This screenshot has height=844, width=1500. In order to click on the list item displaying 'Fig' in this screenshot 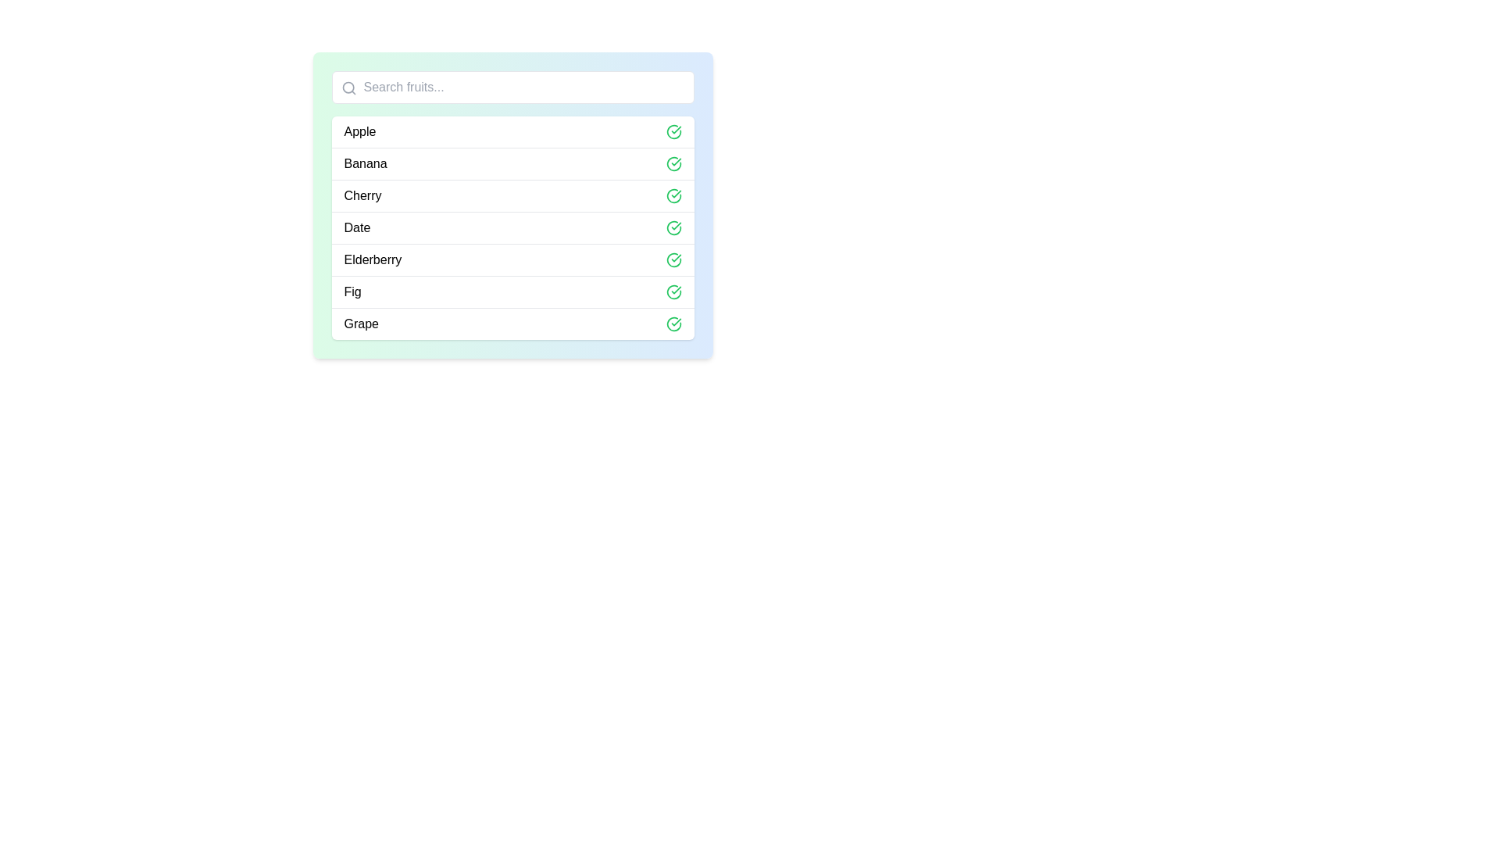, I will do `click(512, 291)`.